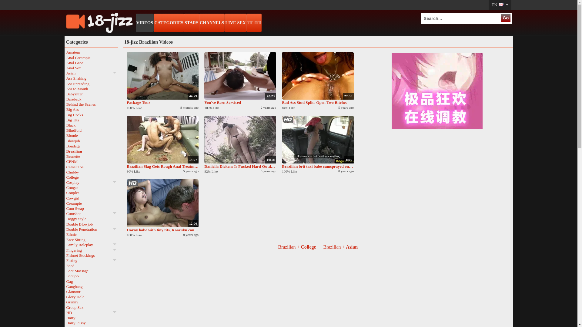 The width and height of the screenshot is (582, 327). What do you see at coordinates (282, 140) in the screenshot?
I see `'8:00'` at bounding box center [282, 140].